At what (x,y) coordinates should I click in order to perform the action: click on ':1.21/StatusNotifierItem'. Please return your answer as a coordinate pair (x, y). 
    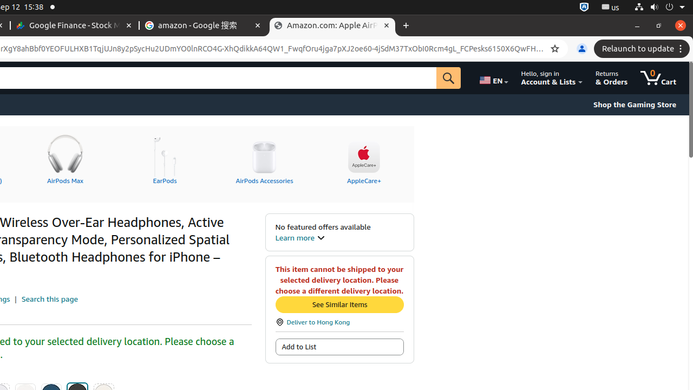
    Looking at the image, I should click on (610, 7).